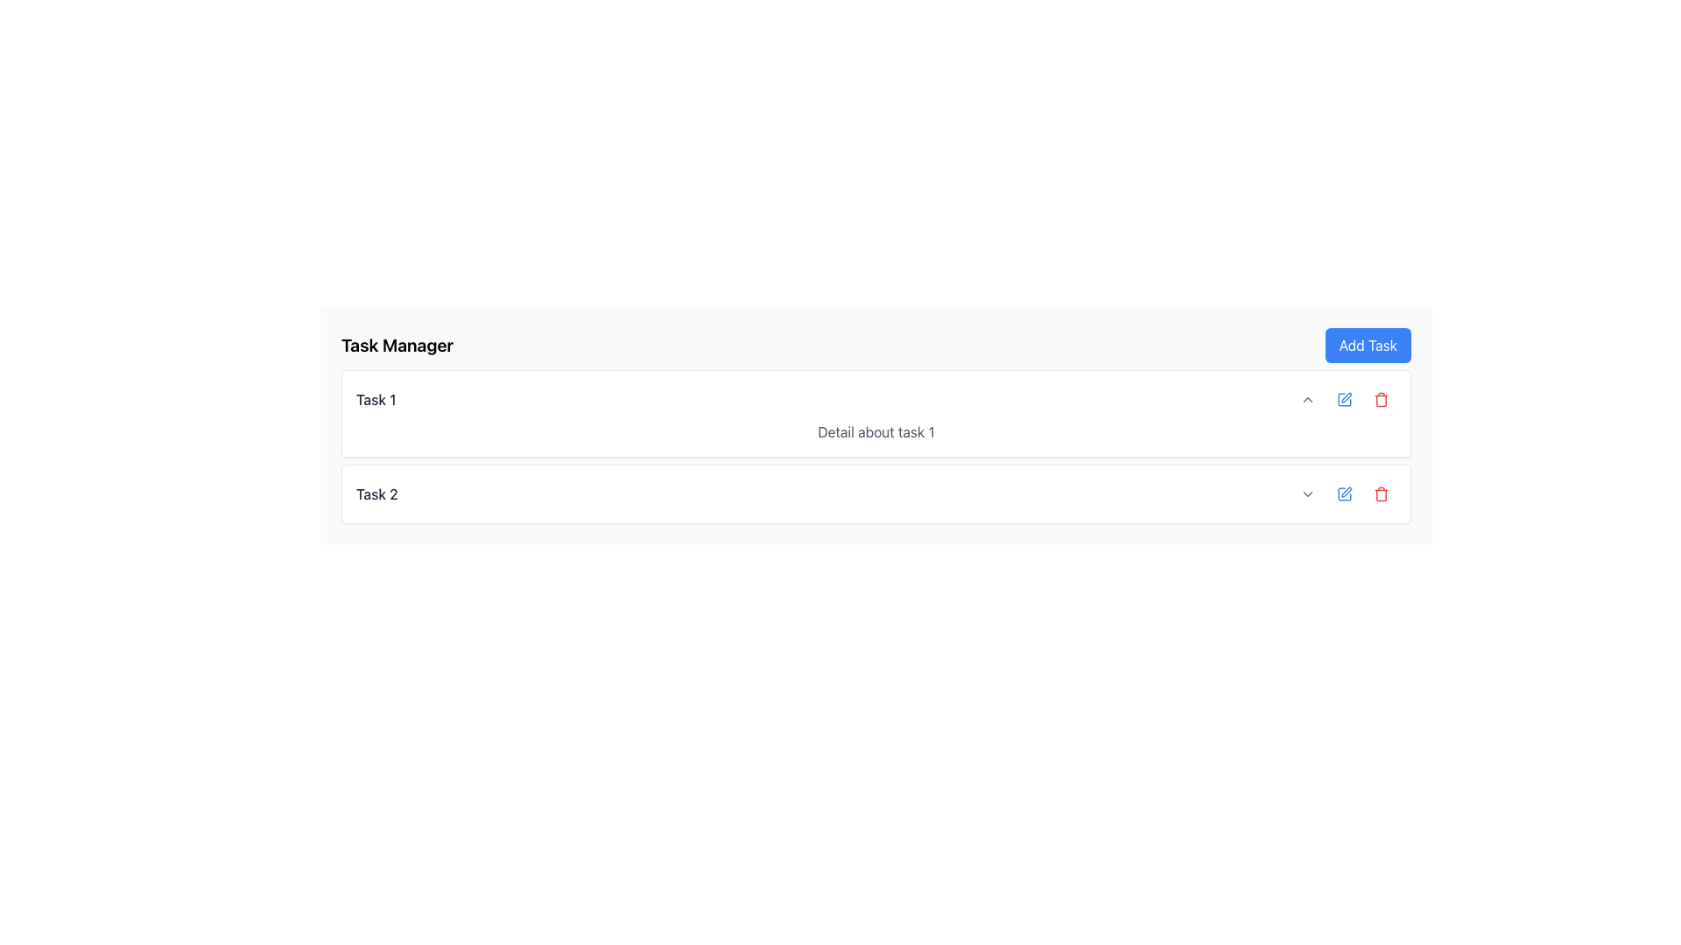 Image resolution: width=1681 pixels, height=945 pixels. What do you see at coordinates (1367, 345) in the screenshot?
I see `the button in the top-right corner of the Task Manager` at bounding box center [1367, 345].